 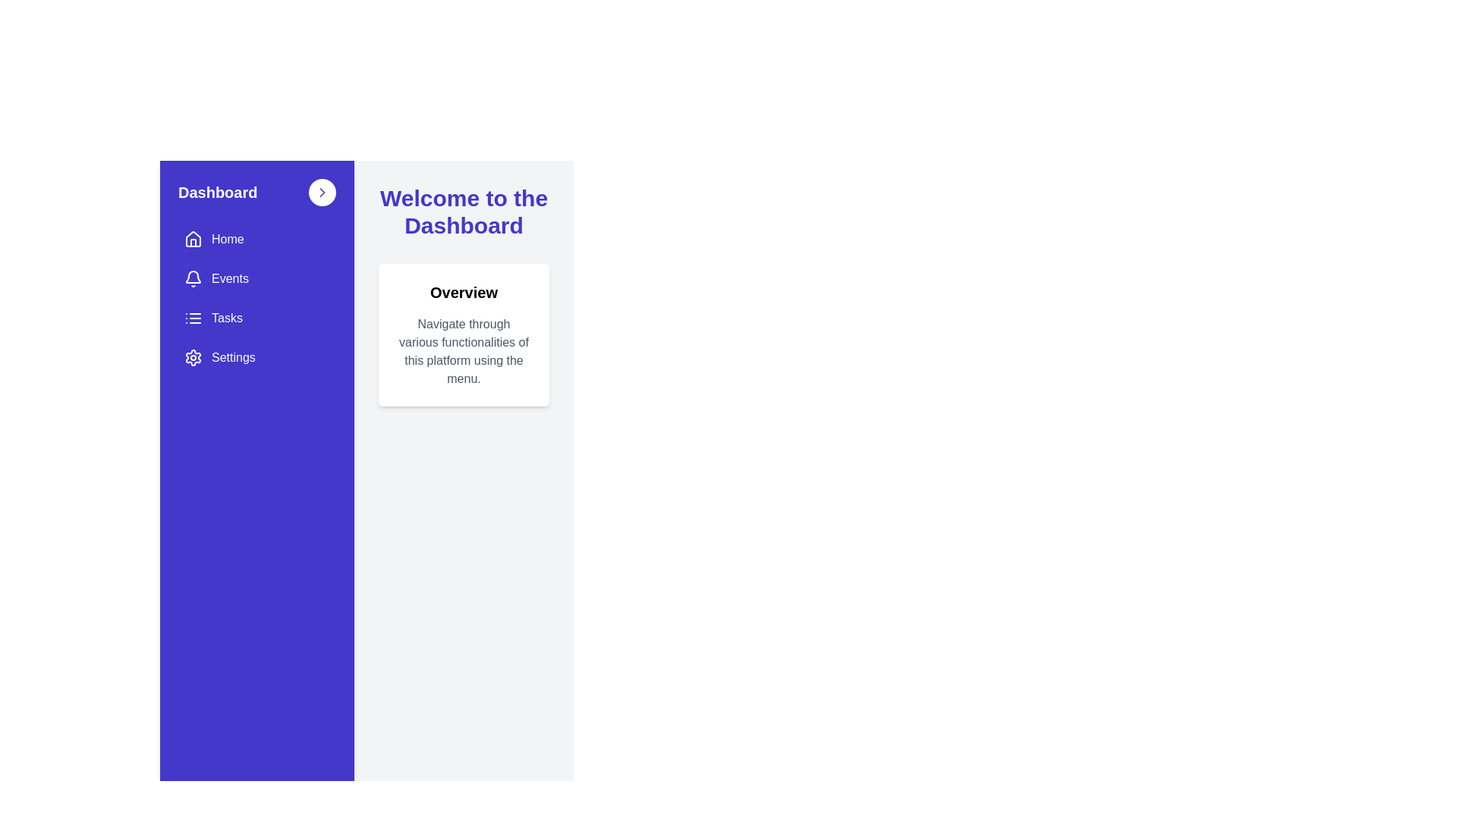 What do you see at coordinates (322, 192) in the screenshot?
I see `the right-angled chevron icon used for navigation located towards the right edge of the sidebar` at bounding box center [322, 192].